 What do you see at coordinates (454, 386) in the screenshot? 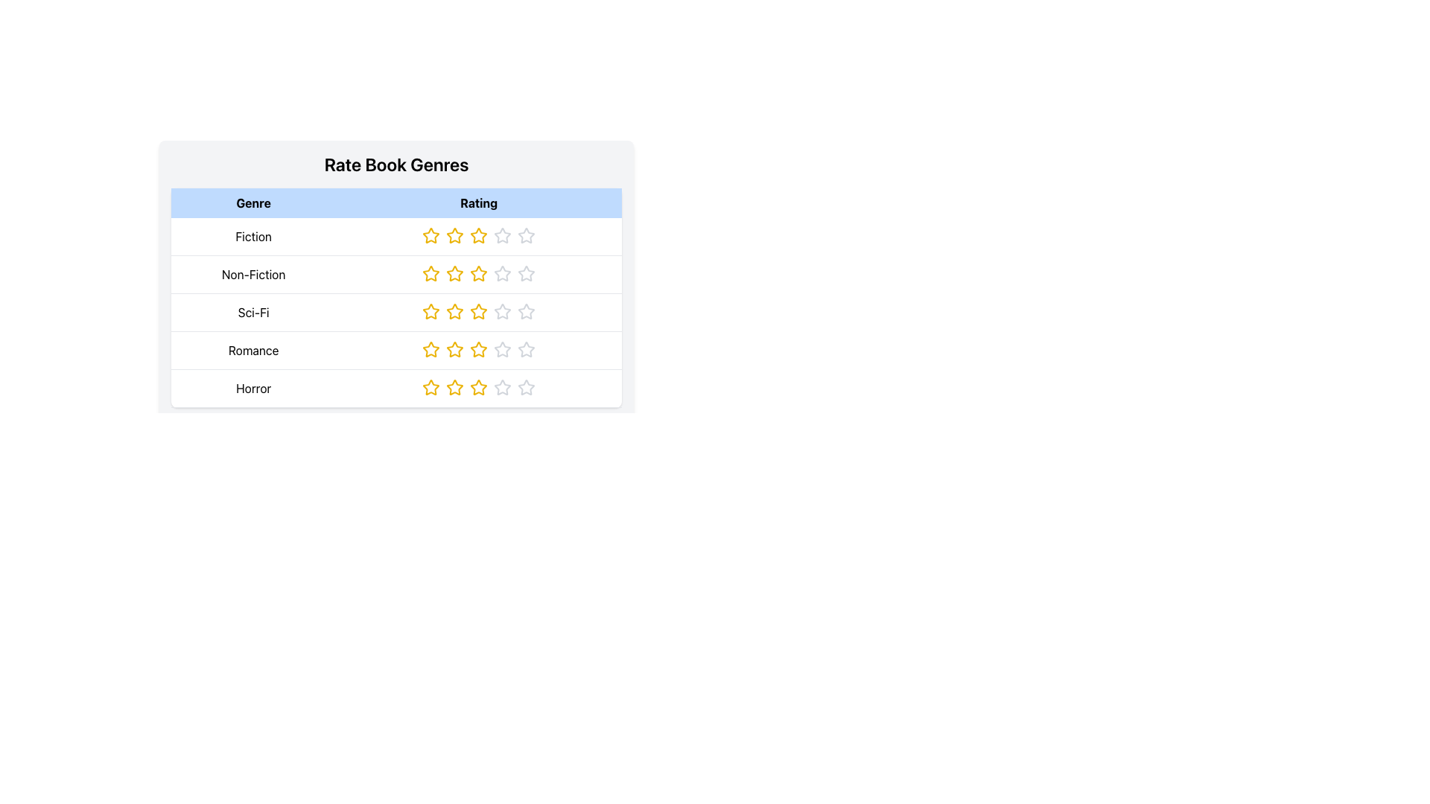
I see `the second interactive rating star icon for the Horror genre` at bounding box center [454, 386].